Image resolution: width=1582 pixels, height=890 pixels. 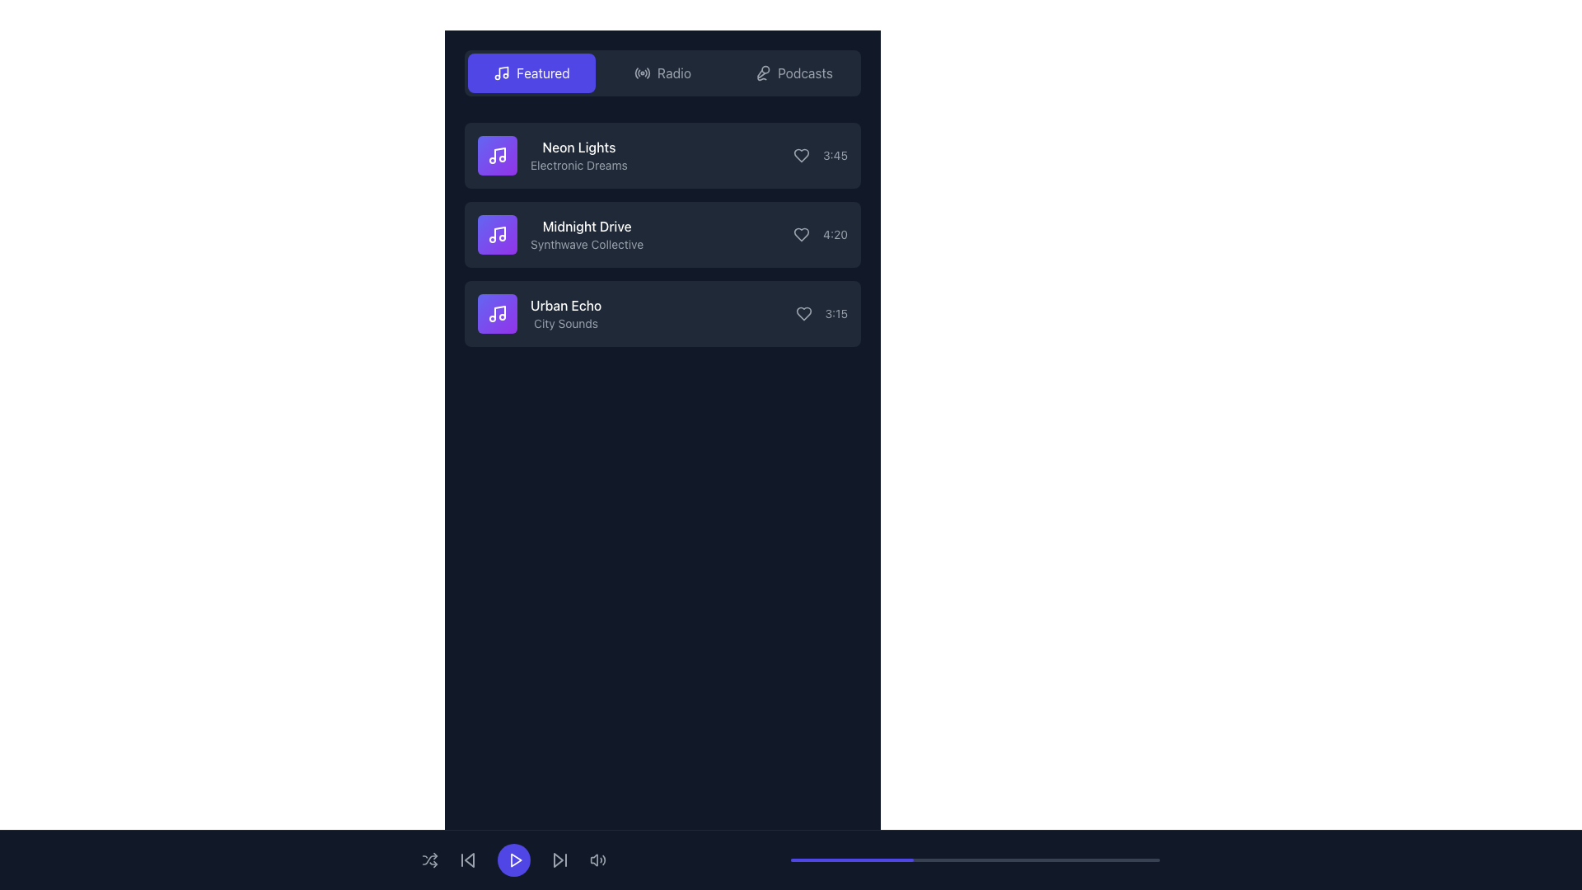 I want to click on the 'skip back' button located at the bottom of the interface to change its color, so click(x=466, y=860).